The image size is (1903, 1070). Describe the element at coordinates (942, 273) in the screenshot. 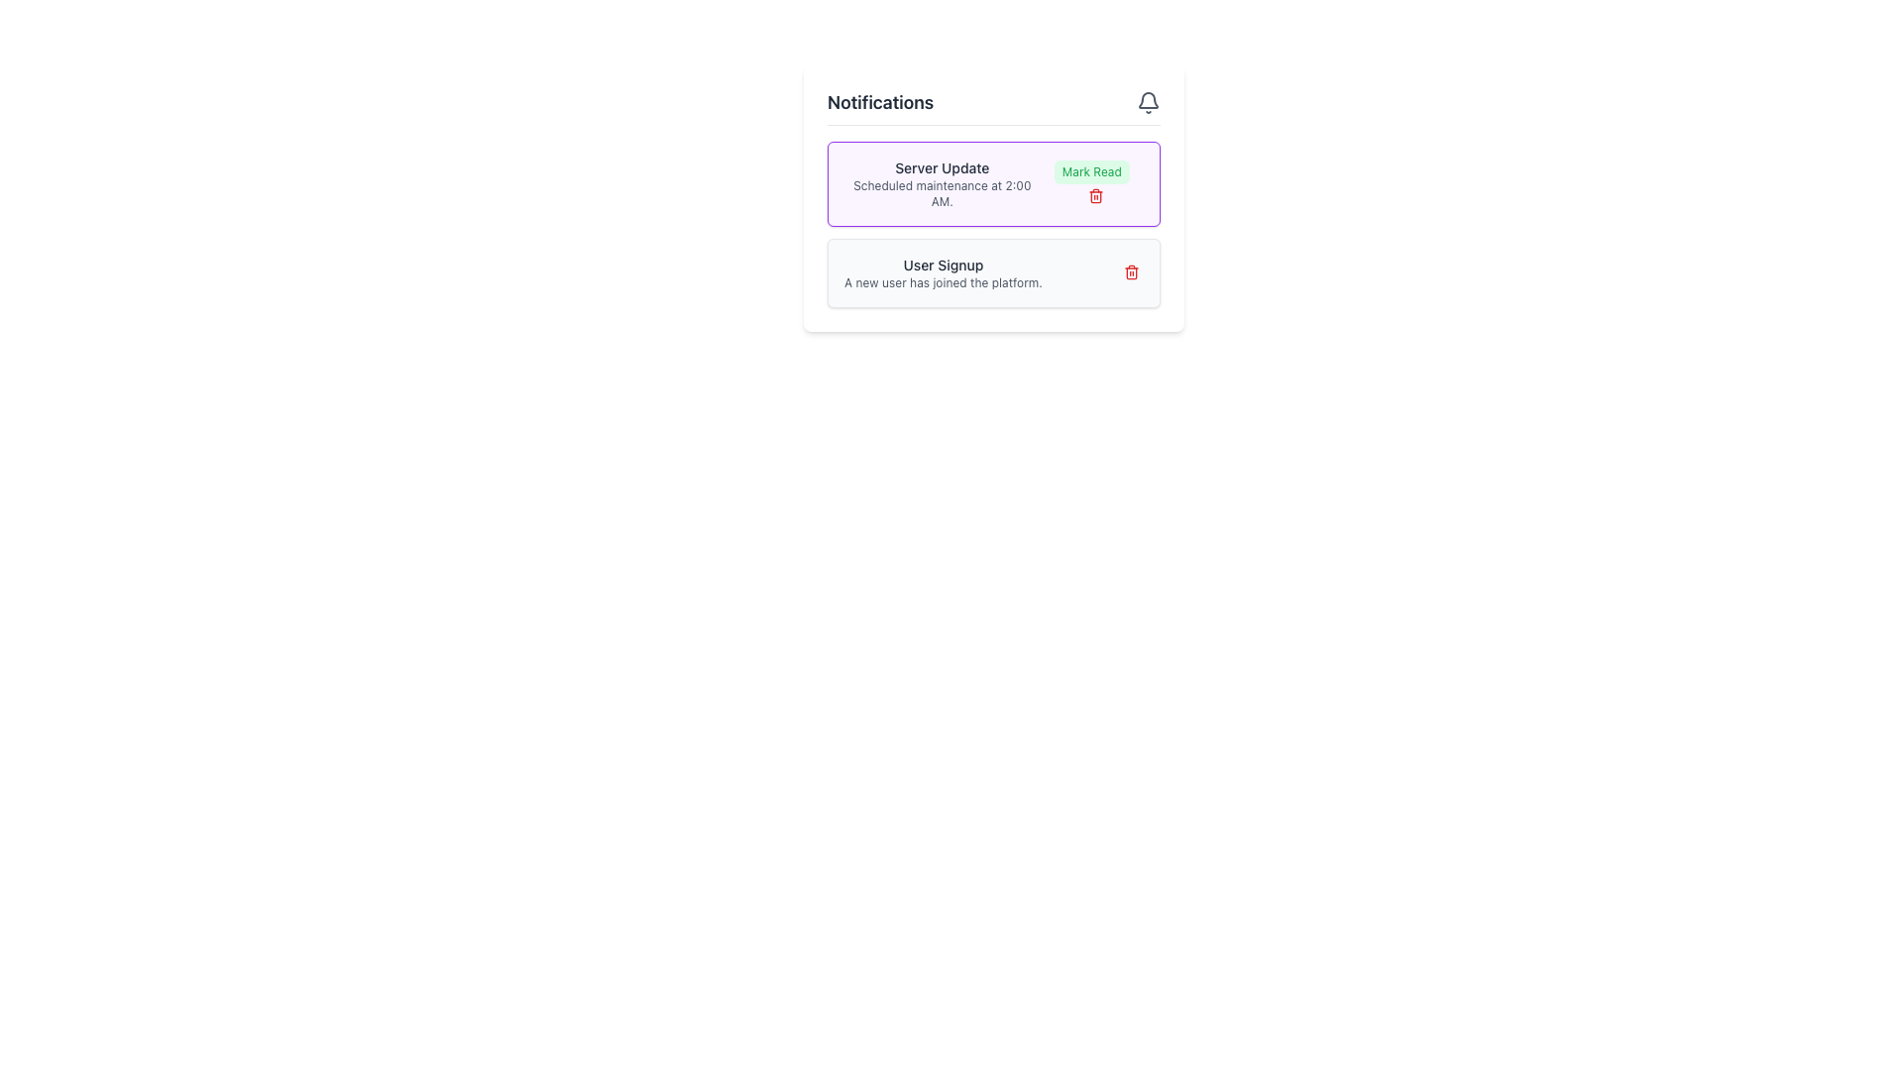

I see `the second notification in the notifications card that provides information about a user signup event, positioned below 'Server Update' and above the trash icon` at that location.